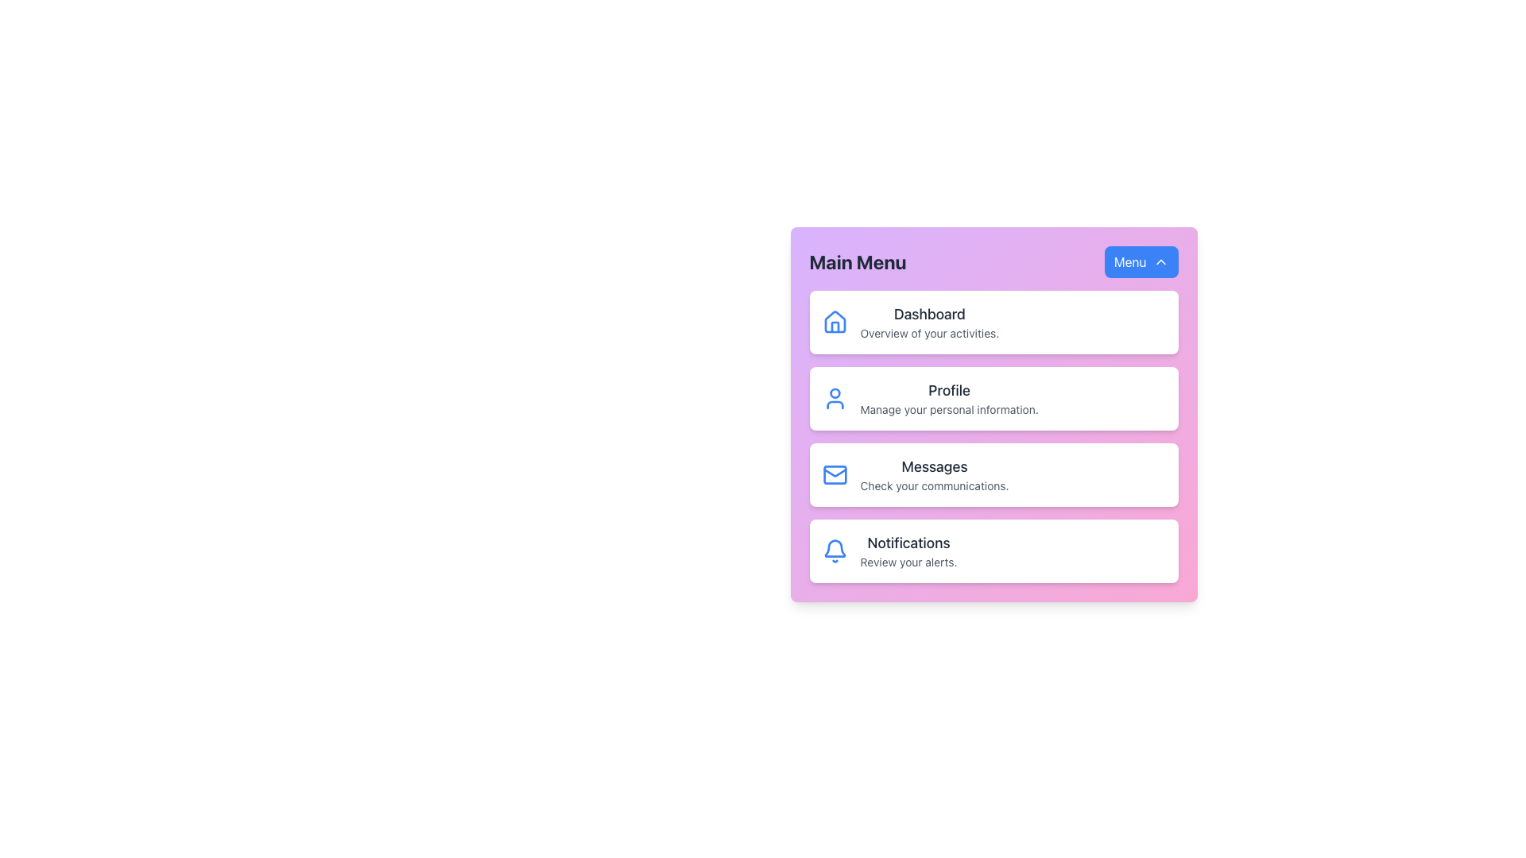 This screenshot has width=1526, height=858. I want to click on the Chevron Down icon located inside the blue 'Menu' button at the top-right corner of the interface, so click(1160, 261).